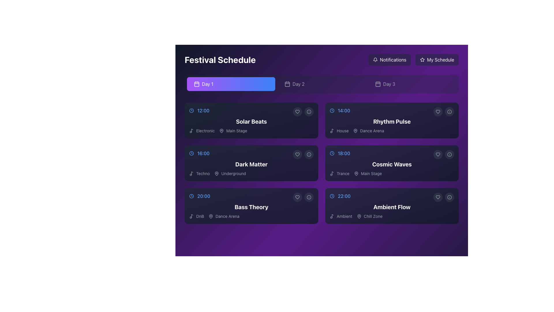 This screenshot has height=312, width=554. I want to click on the heart-shaped icon in the bottom-right corner of the 'Ambient Flow' event card to mark it as a favorite, so click(438, 197).